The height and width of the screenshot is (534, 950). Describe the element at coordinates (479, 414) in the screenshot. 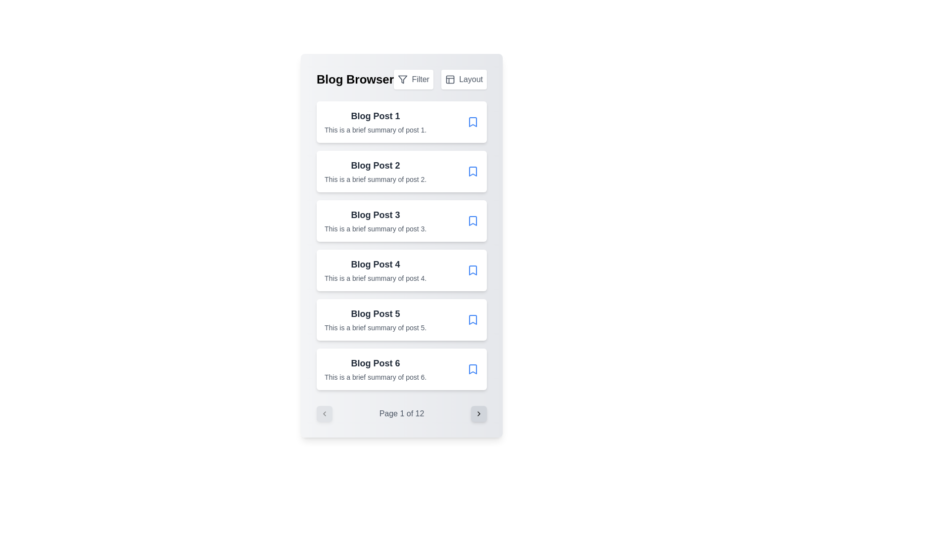

I see `the right-facing chevron icon within the rounded rectangular button for accessibility` at that location.